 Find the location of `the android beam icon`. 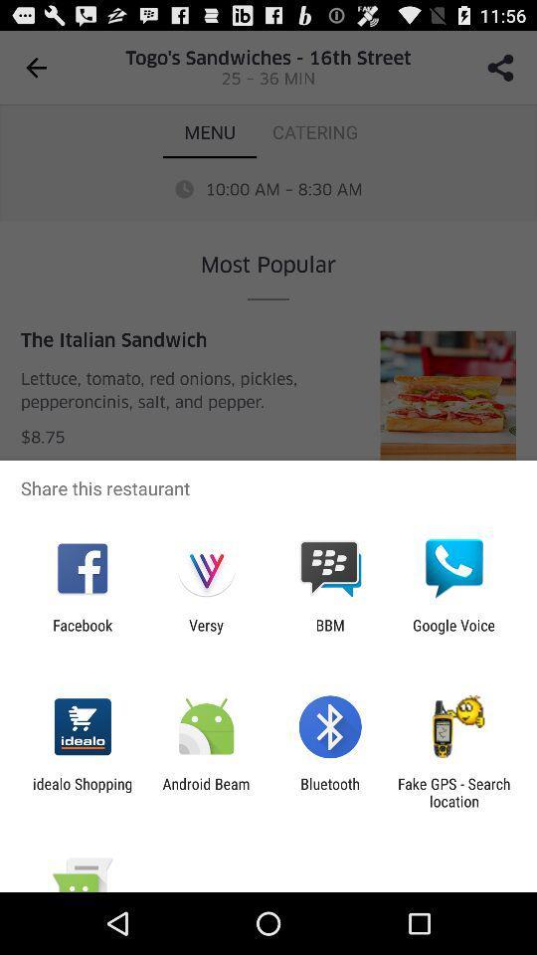

the android beam icon is located at coordinates (205, 792).